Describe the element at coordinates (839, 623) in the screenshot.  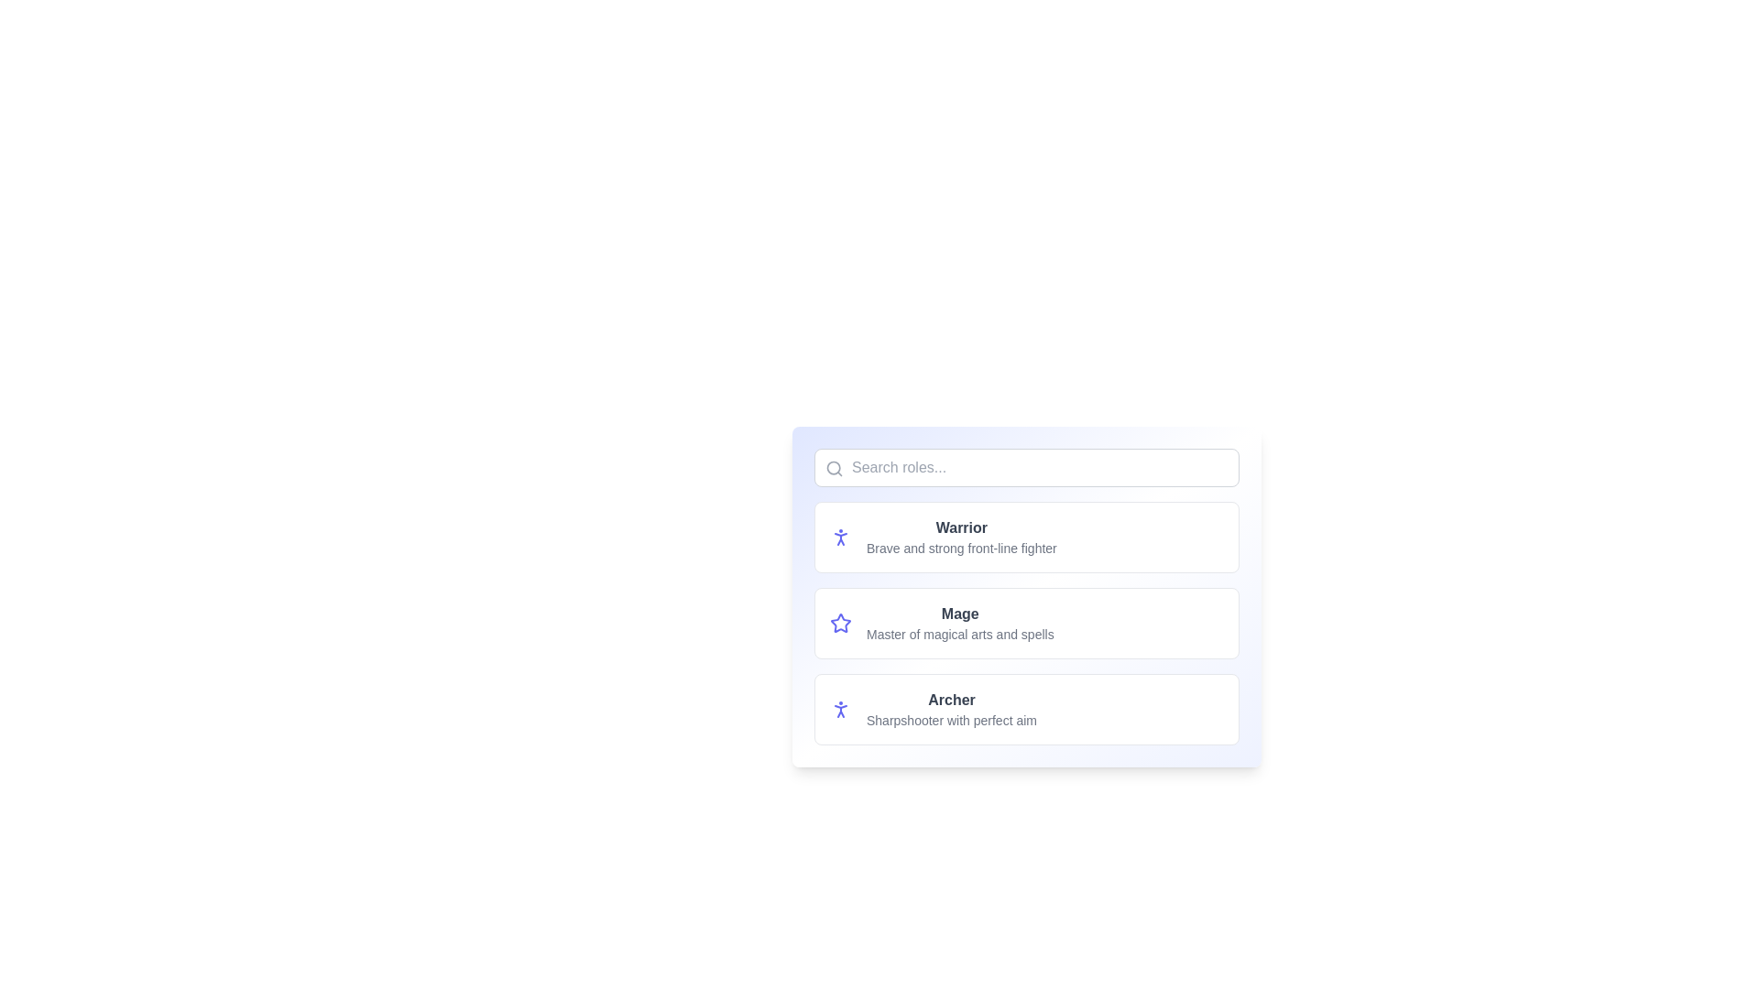
I see `the blue outlined star-shaped icon representing the 'Mage' role, which is positioned to the left of the text block describing 'Mage: Master of magical arts and spells.'` at that location.